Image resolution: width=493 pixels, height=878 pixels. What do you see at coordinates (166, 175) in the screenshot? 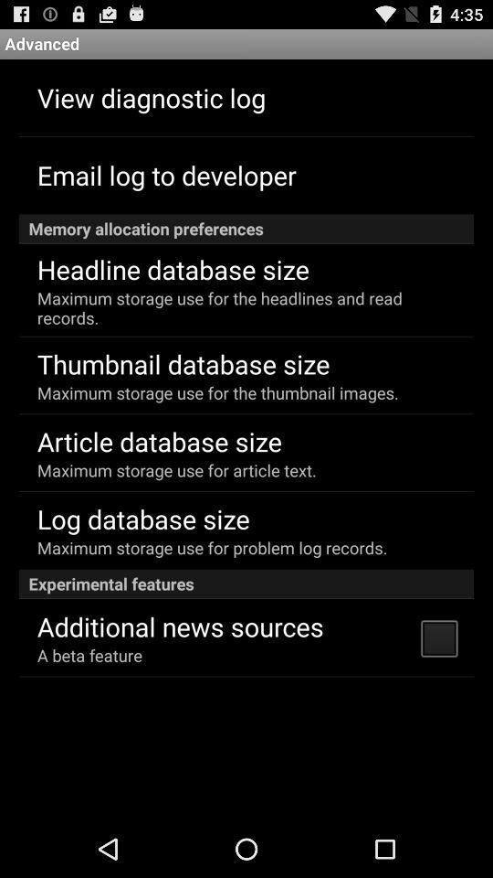
I see `item above the memory allocation preferences` at bounding box center [166, 175].